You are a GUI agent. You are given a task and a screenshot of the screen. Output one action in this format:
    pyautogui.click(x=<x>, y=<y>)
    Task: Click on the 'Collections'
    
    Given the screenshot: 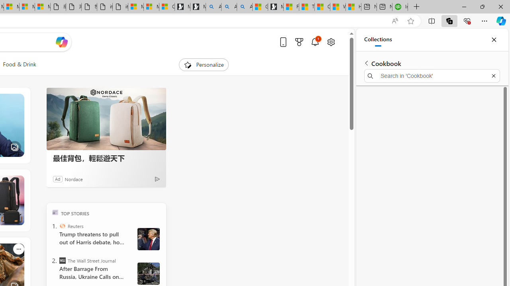 What is the action you would take?
    pyautogui.click(x=378, y=40)
    